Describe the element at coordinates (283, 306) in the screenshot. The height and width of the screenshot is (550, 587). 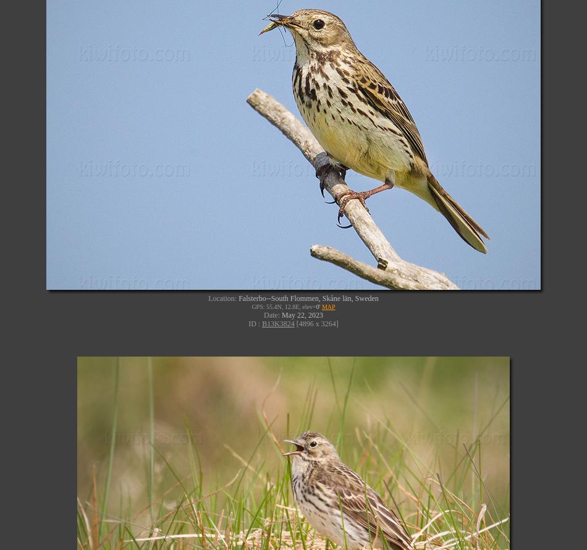
I see `'GPS: 55.4N, 12.8E, elev='` at that location.